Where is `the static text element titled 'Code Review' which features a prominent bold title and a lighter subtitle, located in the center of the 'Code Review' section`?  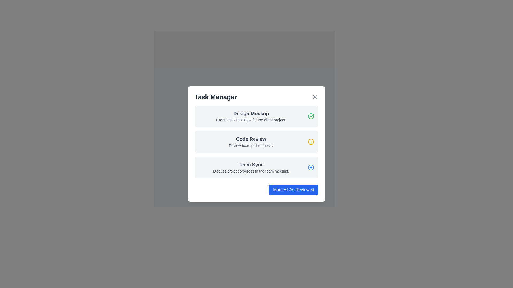 the static text element titled 'Code Review' which features a prominent bold title and a lighter subtitle, located in the center of the 'Code Review' section is located at coordinates (251, 142).